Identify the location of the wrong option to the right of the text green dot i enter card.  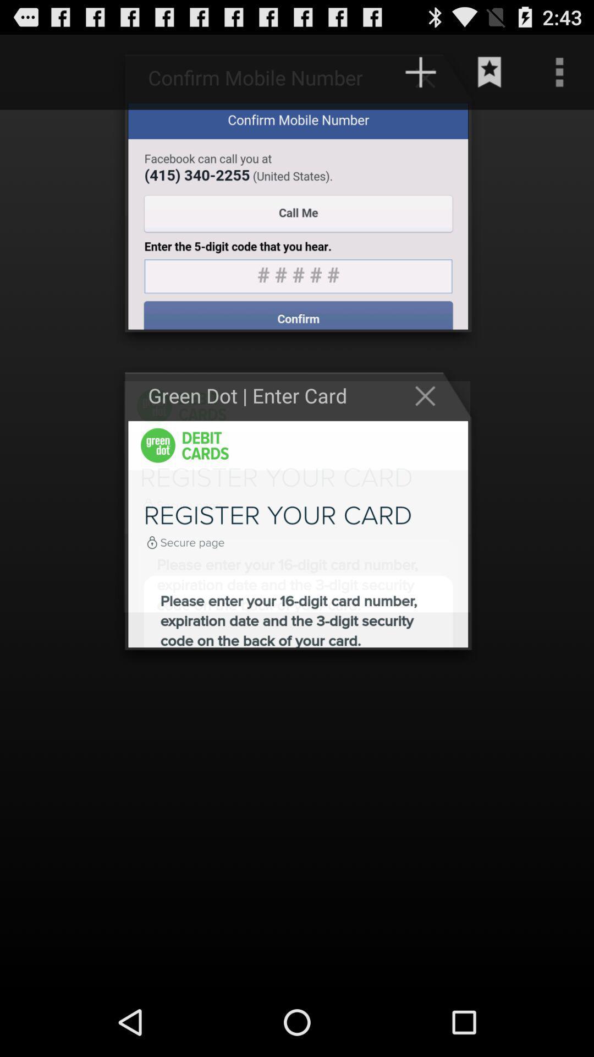
(430, 396).